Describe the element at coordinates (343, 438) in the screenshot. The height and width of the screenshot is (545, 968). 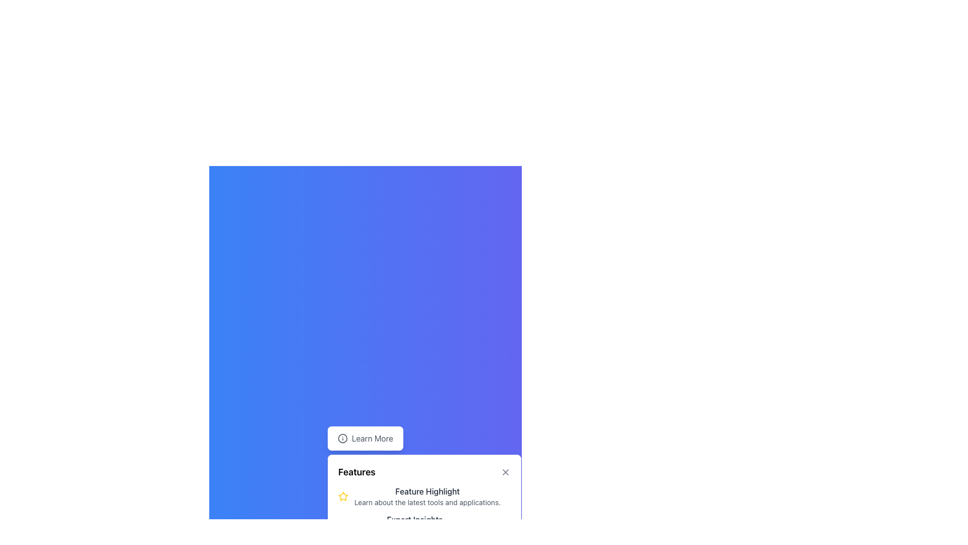
I see `the circular icon with a central dot and surrounding line patterns, located to the left of the 'Learn More' button, to interact with the button` at that location.